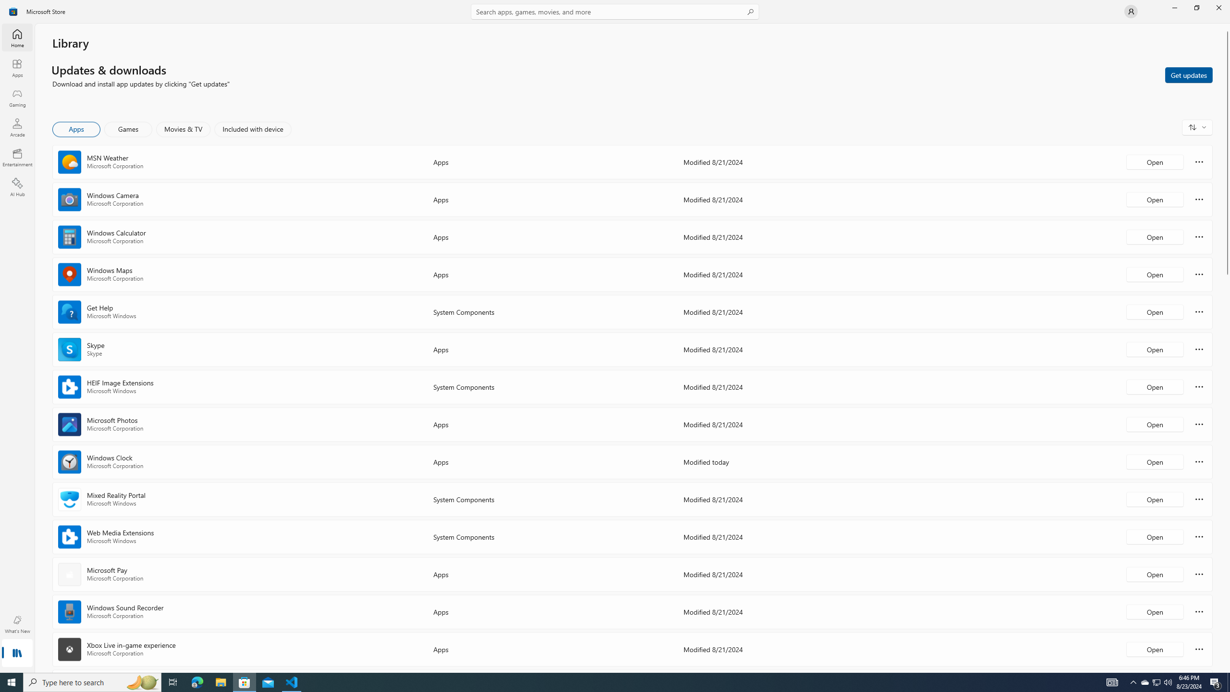 Image resolution: width=1230 pixels, height=692 pixels. I want to click on 'Movies & TV', so click(183, 129).